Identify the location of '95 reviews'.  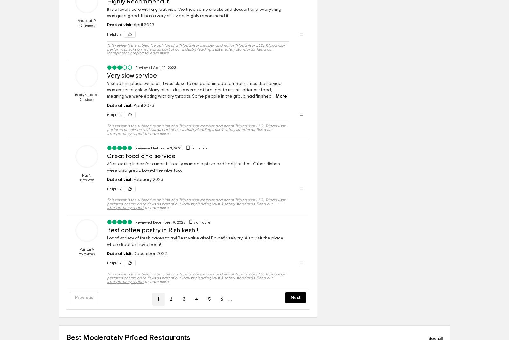
(79, 254).